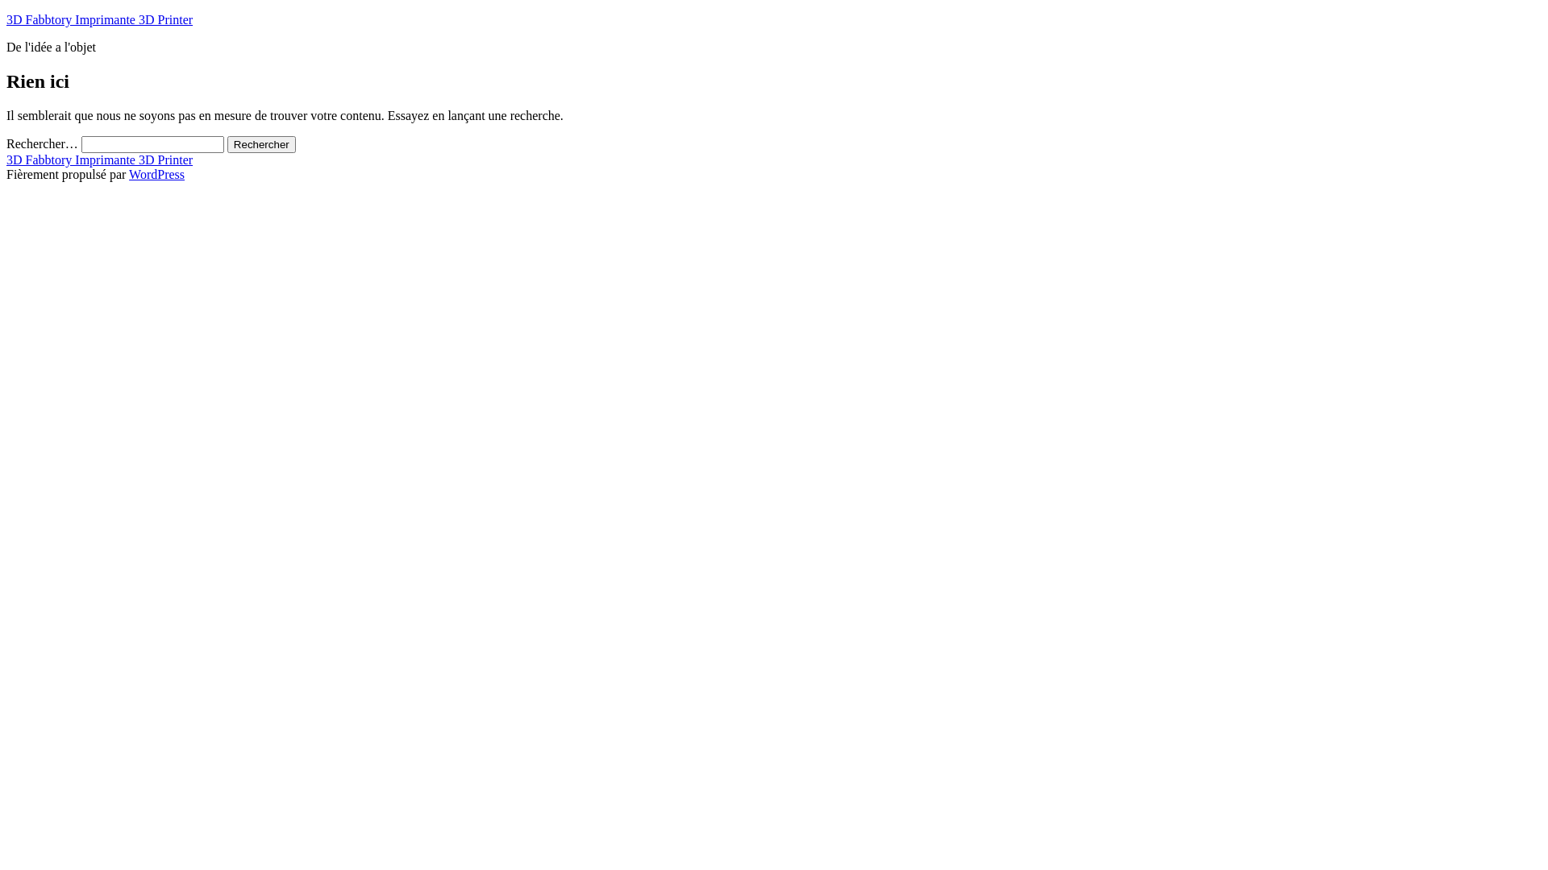 This screenshot has width=1548, height=870. What do you see at coordinates (127, 174) in the screenshot?
I see `'WordPress'` at bounding box center [127, 174].